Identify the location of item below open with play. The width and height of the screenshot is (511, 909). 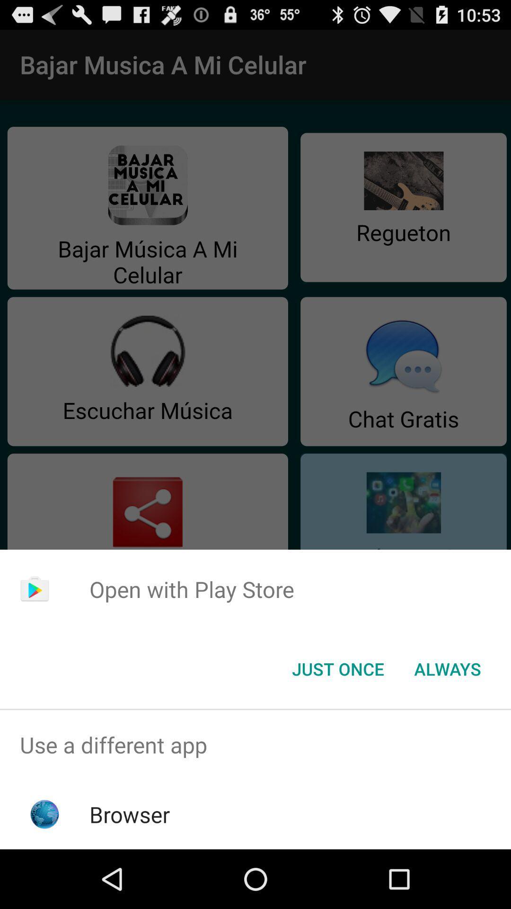
(447, 668).